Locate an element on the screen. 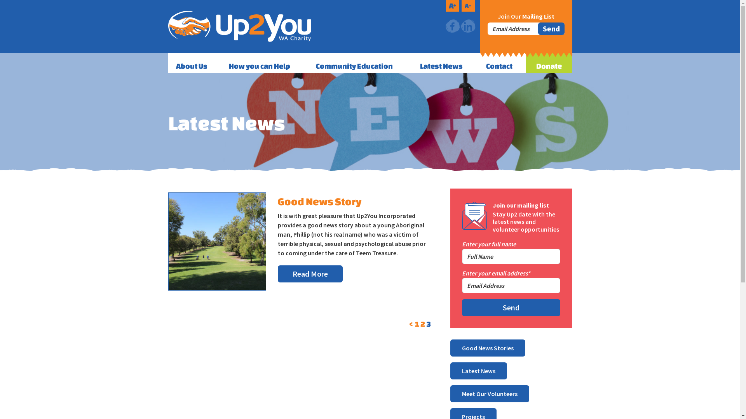  'Send' is located at coordinates (511, 307).